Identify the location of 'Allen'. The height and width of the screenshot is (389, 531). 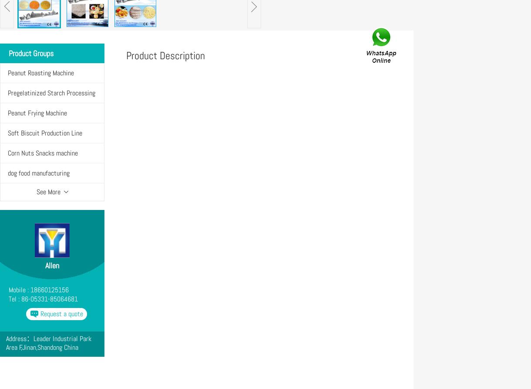
(52, 265).